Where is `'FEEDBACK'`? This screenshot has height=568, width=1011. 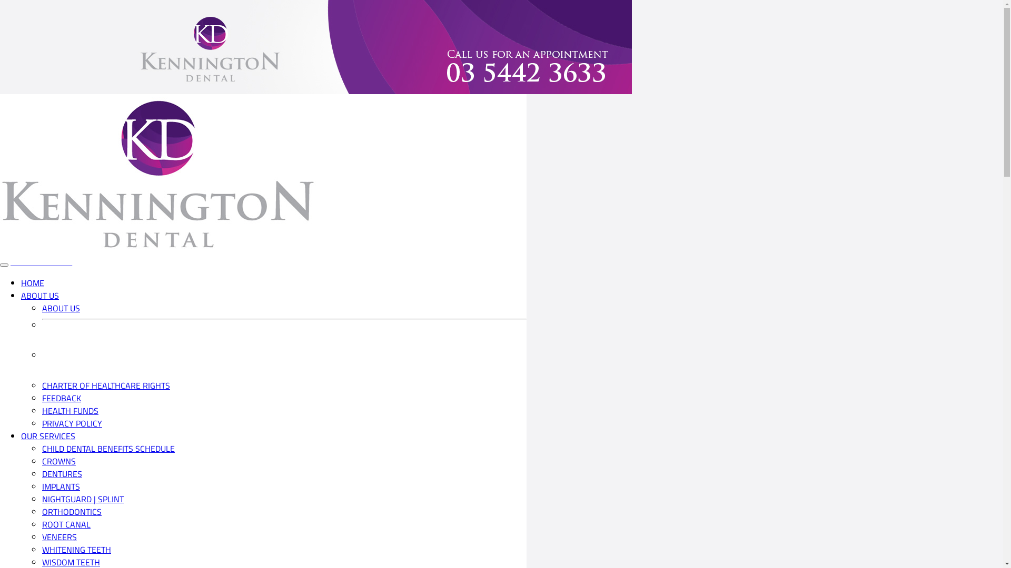 'FEEDBACK' is located at coordinates (42, 398).